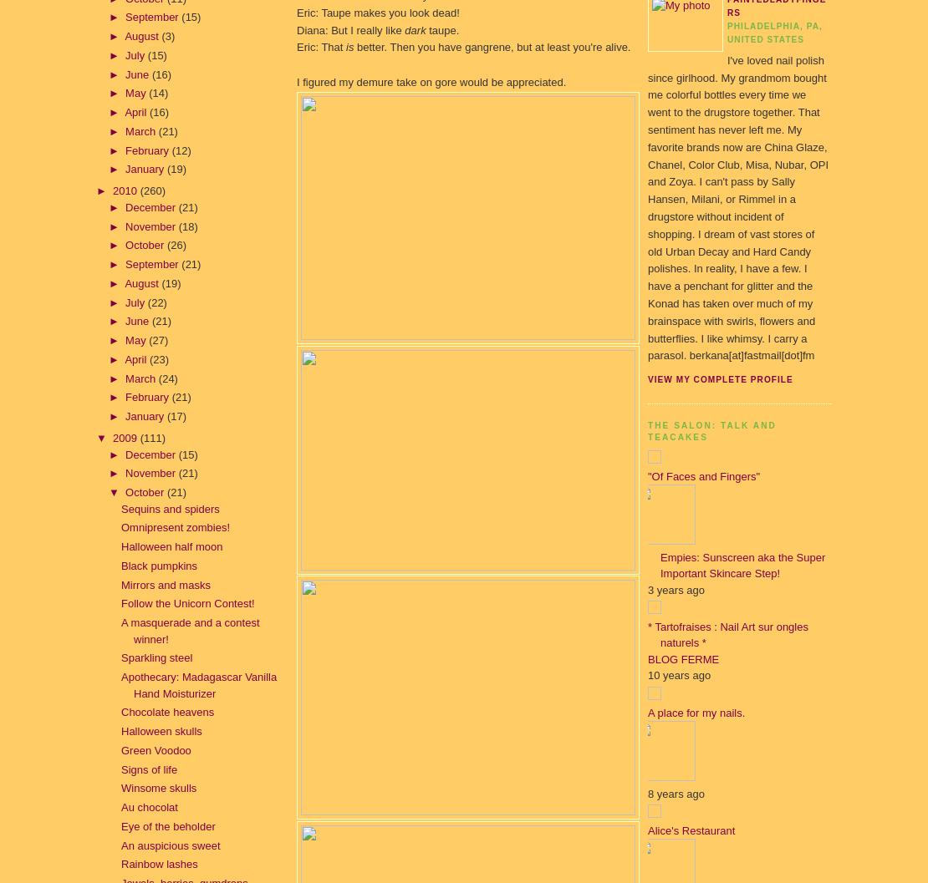 This screenshot has width=928, height=883. Describe the element at coordinates (167, 825) in the screenshot. I see `'Eye of the beholder'` at that location.